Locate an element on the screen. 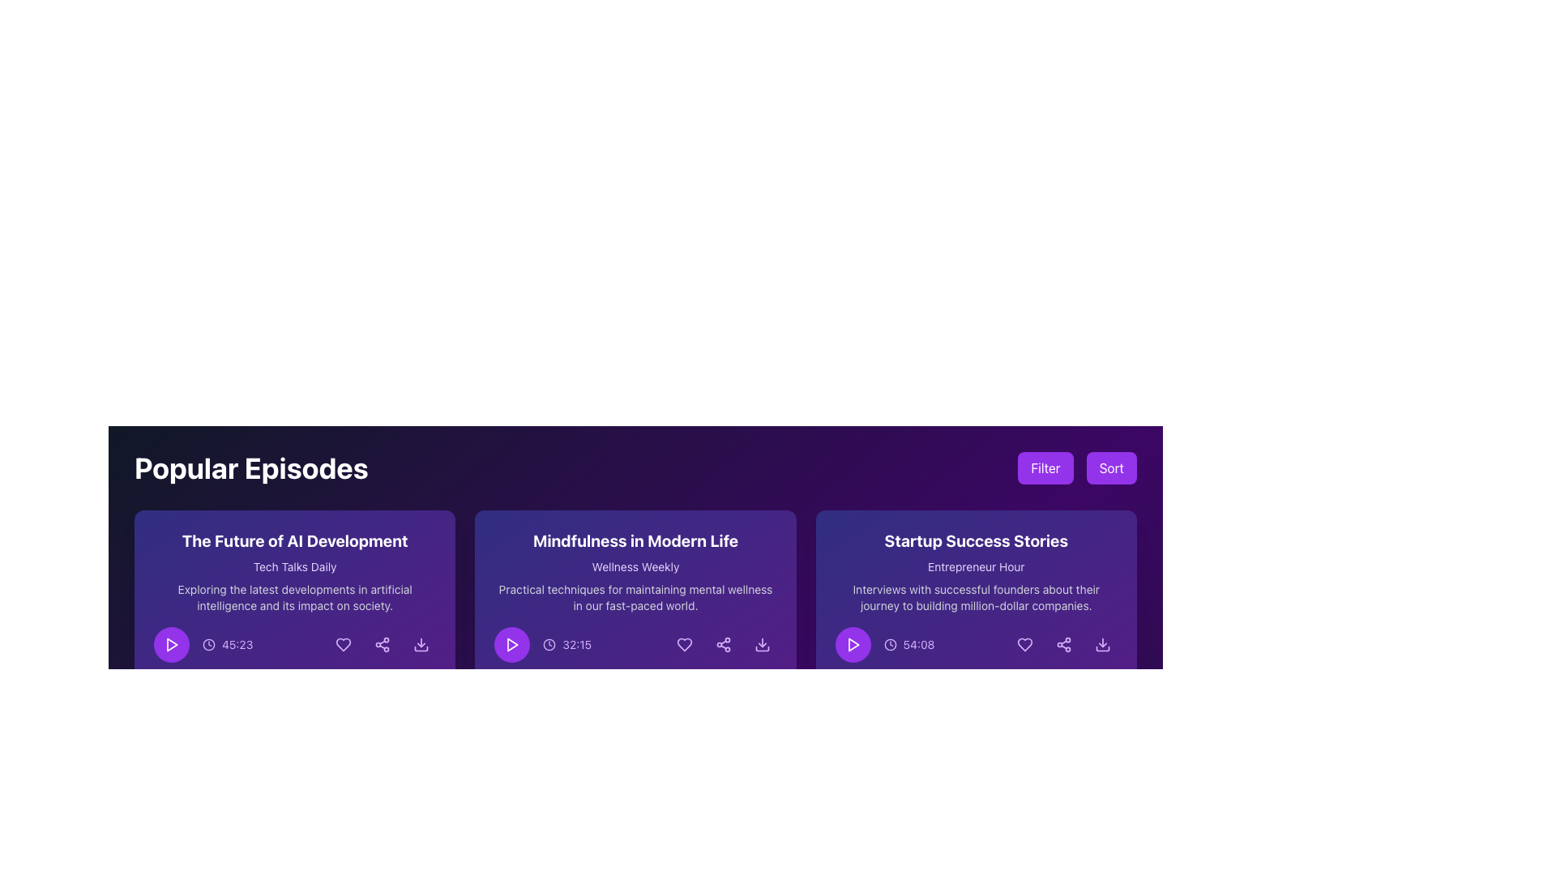  the circular button with a purple background and white play icon for accessibility interaction is located at coordinates (171, 643).